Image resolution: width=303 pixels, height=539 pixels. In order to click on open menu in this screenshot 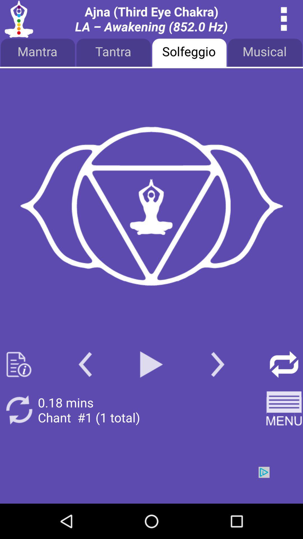, I will do `click(284, 410)`.